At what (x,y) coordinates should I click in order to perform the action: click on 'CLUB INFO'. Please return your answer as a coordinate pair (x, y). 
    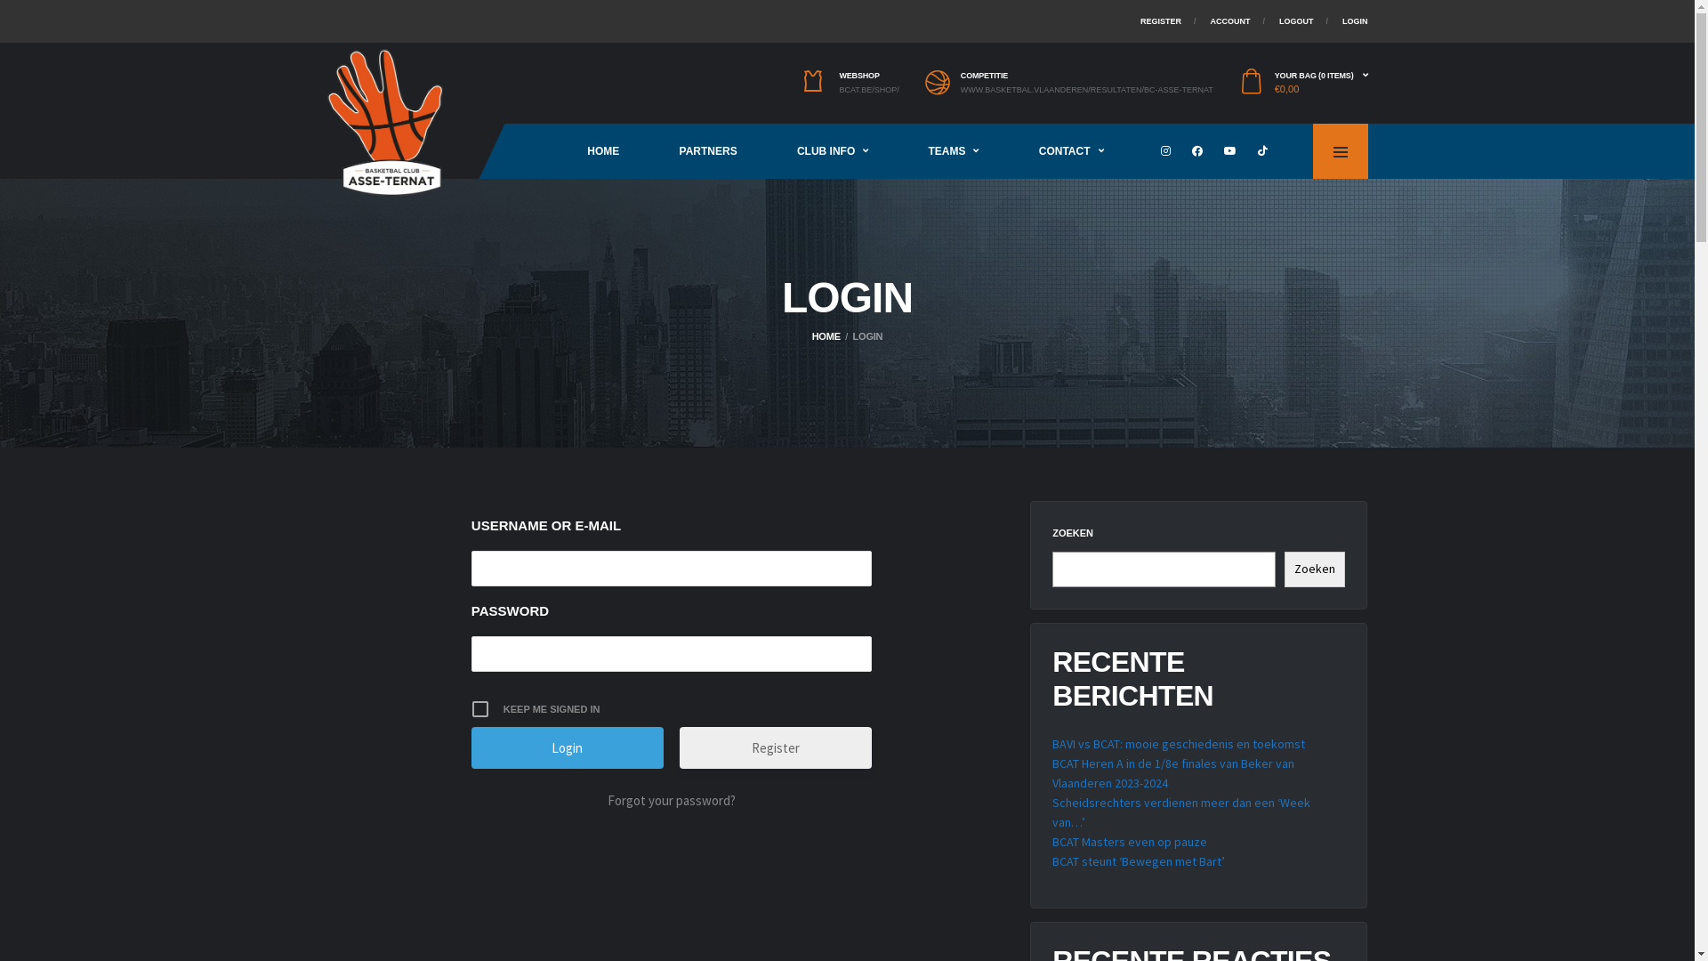
    Looking at the image, I should click on (767, 149).